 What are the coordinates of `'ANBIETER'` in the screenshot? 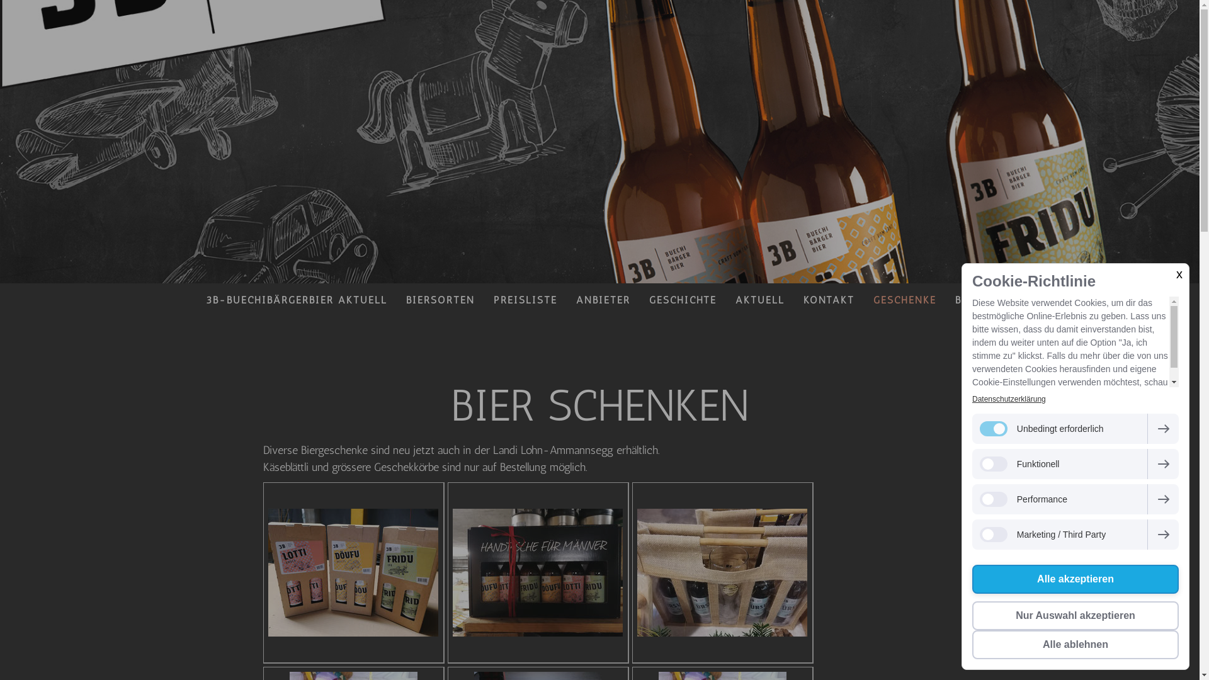 It's located at (603, 300).